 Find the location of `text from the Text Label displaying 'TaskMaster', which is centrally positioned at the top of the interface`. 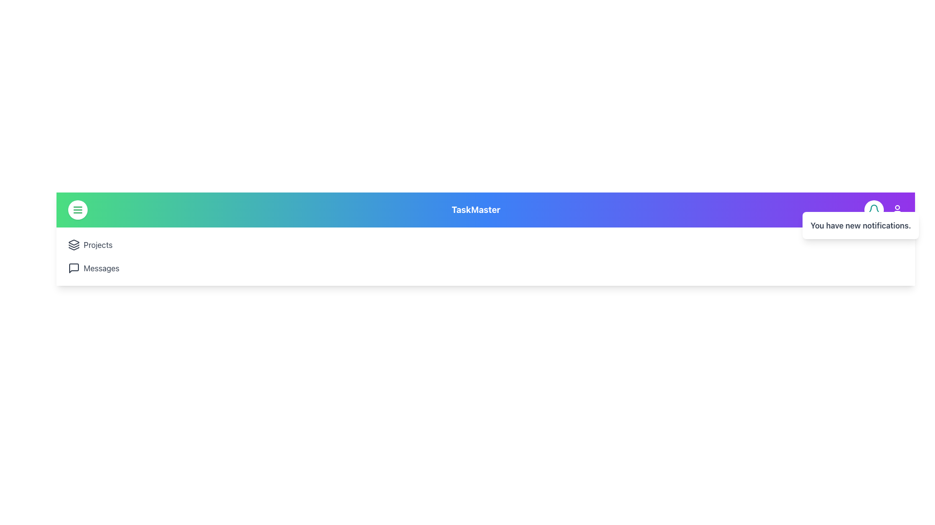

text from the Text Label displaying 'TaskMaster', which is centrally positioned at the top of the interface is located at coordinates (486, 210).